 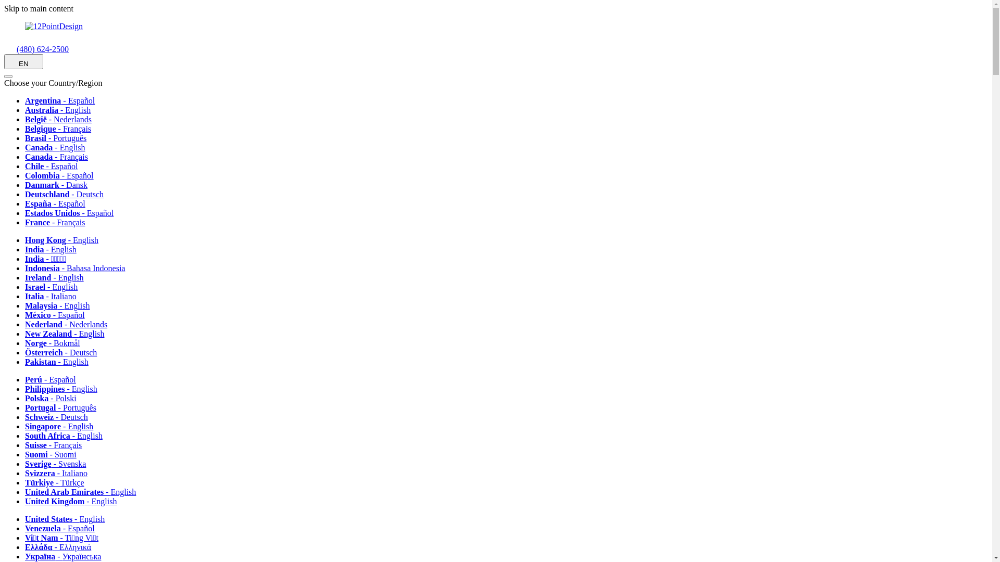 What do you see at coordinates (68, 519) in the screenshot?
I see `'United States - English'` at bounding box center [68, 519].